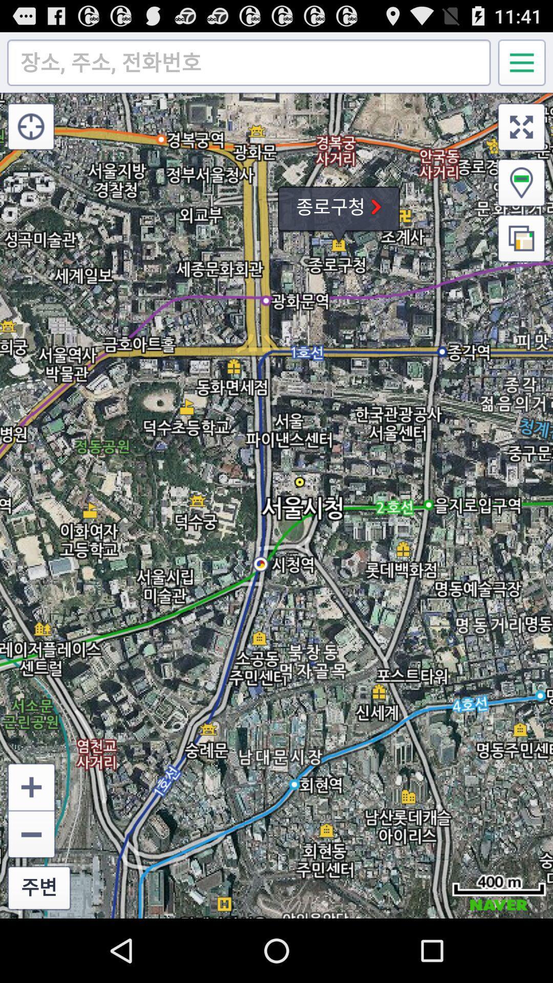 Image resolution: width=553 pixels, height=983 pixels. What do you see at coordinates (30, 126) in the screenshot?
I see `icon at the top left corner` at bounding box center [30, 126].